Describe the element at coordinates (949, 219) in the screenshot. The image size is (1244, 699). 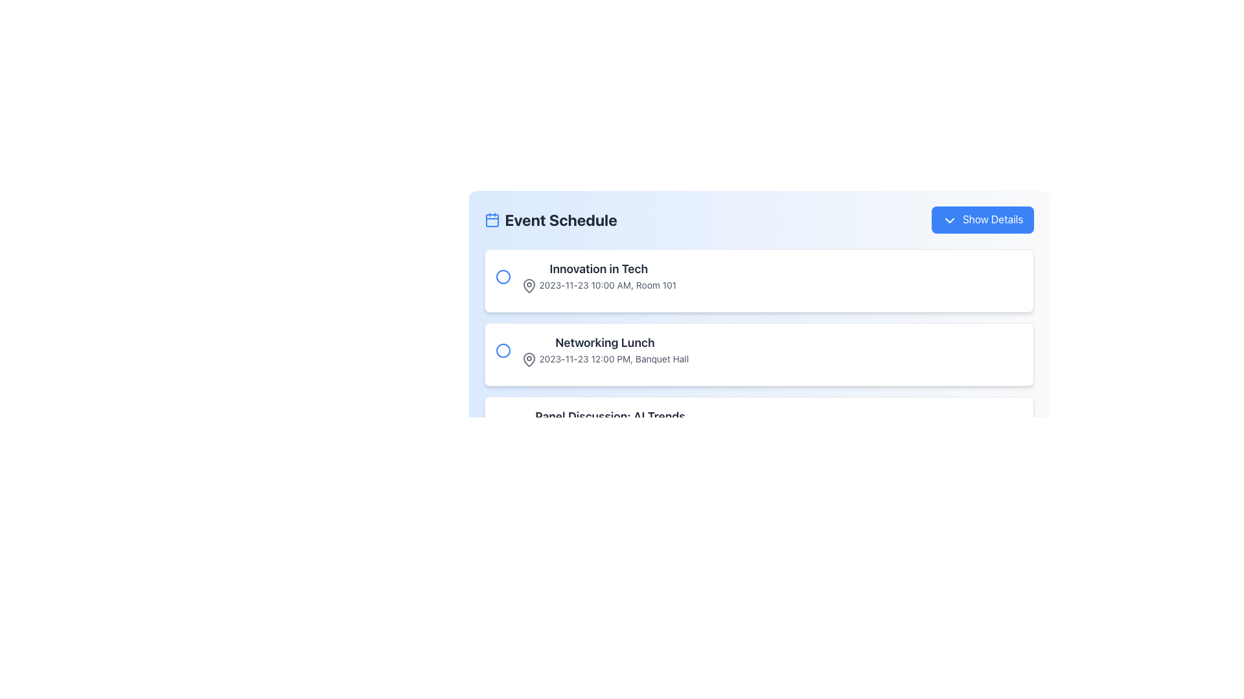
I see `the chevron-down icon located within the 'Show Details' button at the top right corner of the interface` at that location.